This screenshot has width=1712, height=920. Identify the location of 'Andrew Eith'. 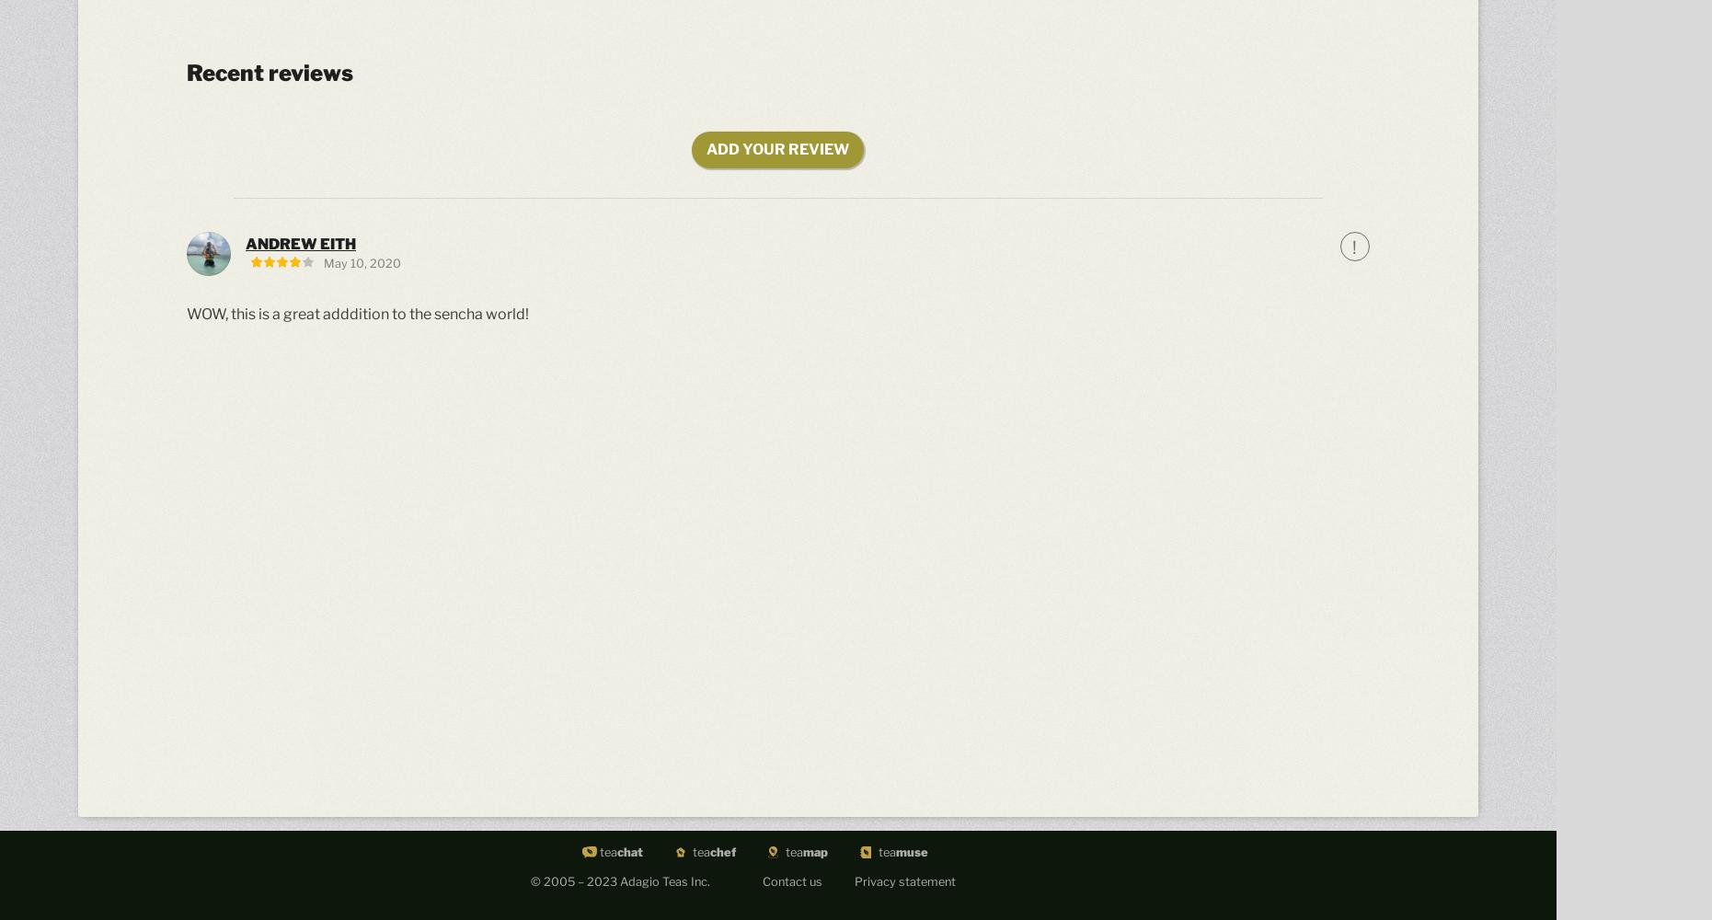
(299, 243).